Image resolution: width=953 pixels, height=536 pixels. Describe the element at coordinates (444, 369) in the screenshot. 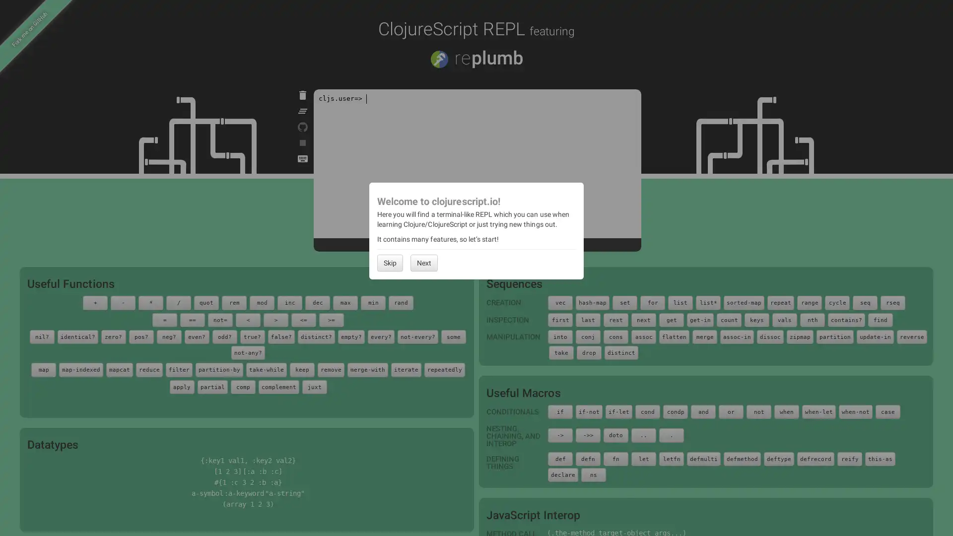

I see `repeatedly` at that location.